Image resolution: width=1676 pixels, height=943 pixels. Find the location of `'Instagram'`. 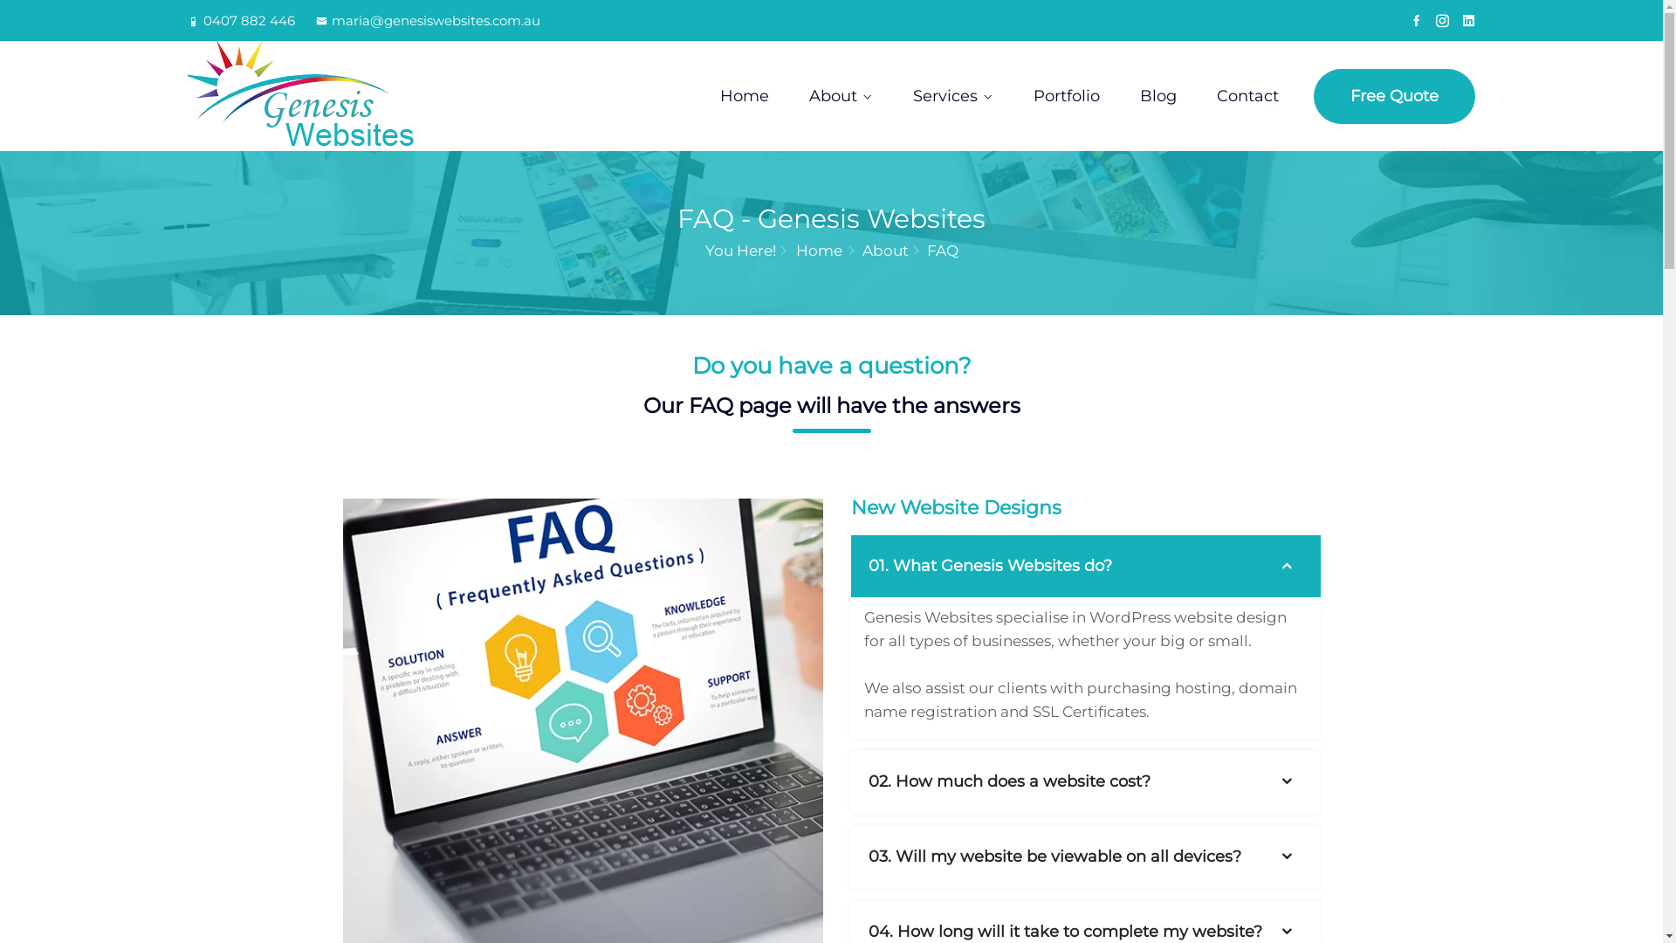

'Instagram' is located at coordinates (1442, 20).